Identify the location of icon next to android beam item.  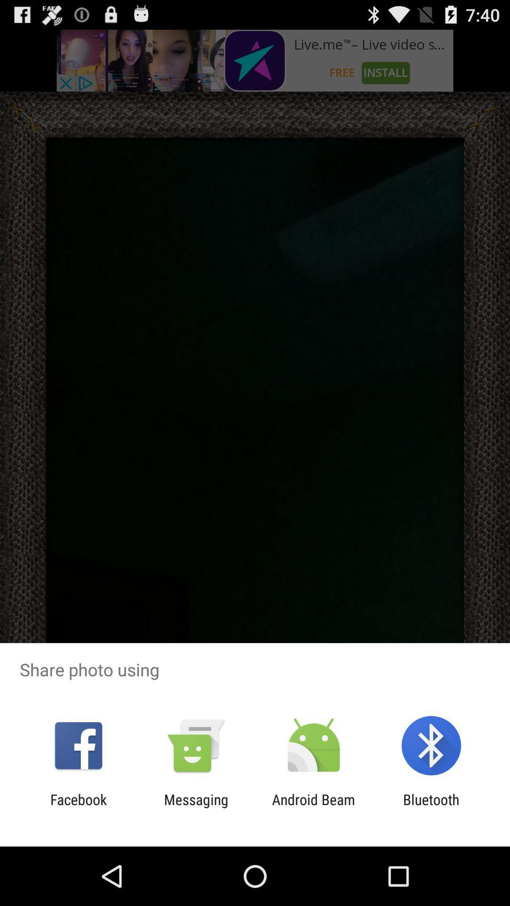
(431, 807).